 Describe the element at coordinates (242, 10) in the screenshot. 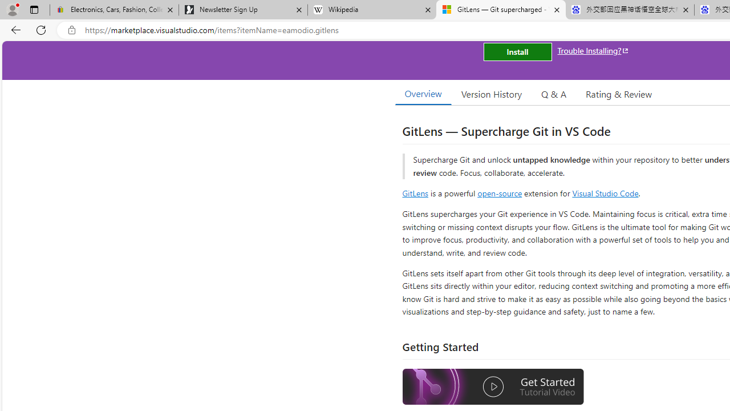

I see `'Newsletter Sign Up'` at that location.